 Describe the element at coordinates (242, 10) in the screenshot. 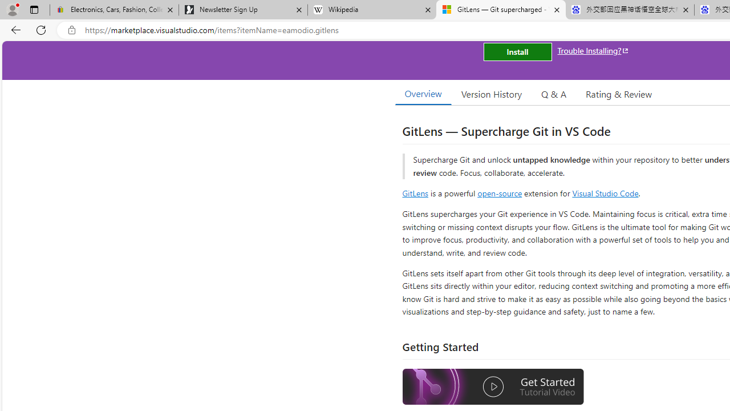

I see `'Newsletter Sign Up'` at that location.